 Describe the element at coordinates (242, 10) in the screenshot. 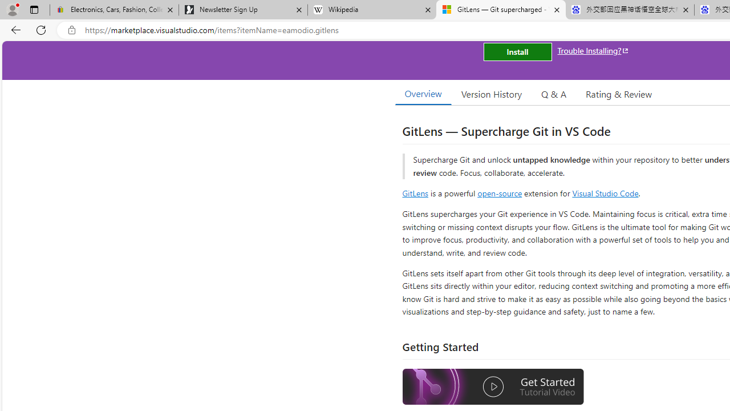

I see `'Newsletter Sign Up'` at that location.